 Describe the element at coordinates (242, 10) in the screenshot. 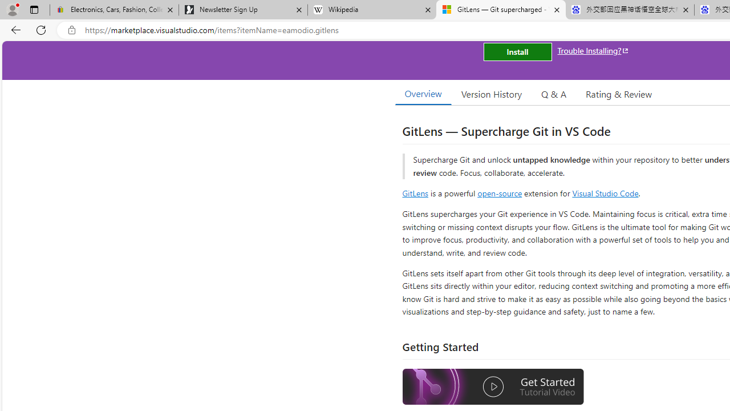

I see `'Newsletter Sign Up'` at that location.